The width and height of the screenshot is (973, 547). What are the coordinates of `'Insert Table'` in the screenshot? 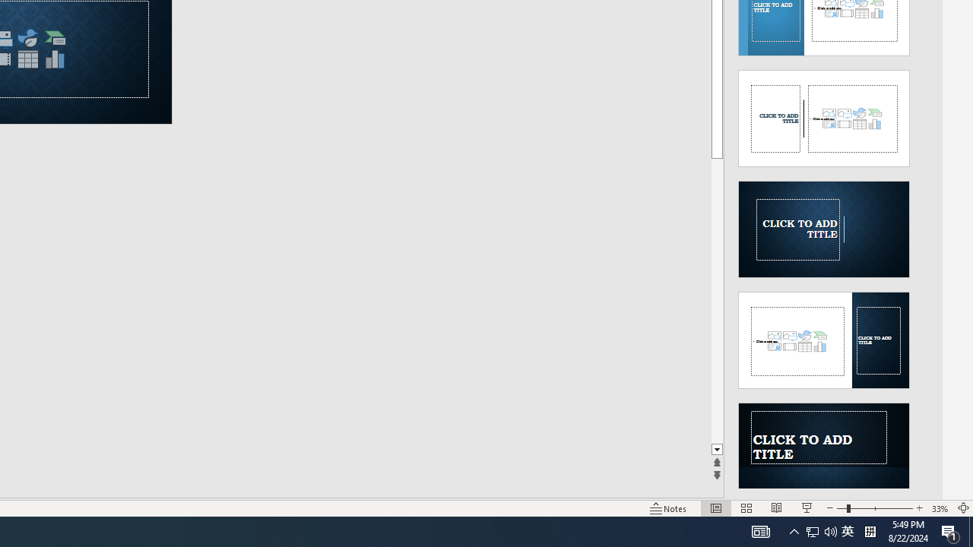 It's located at (27, 58).